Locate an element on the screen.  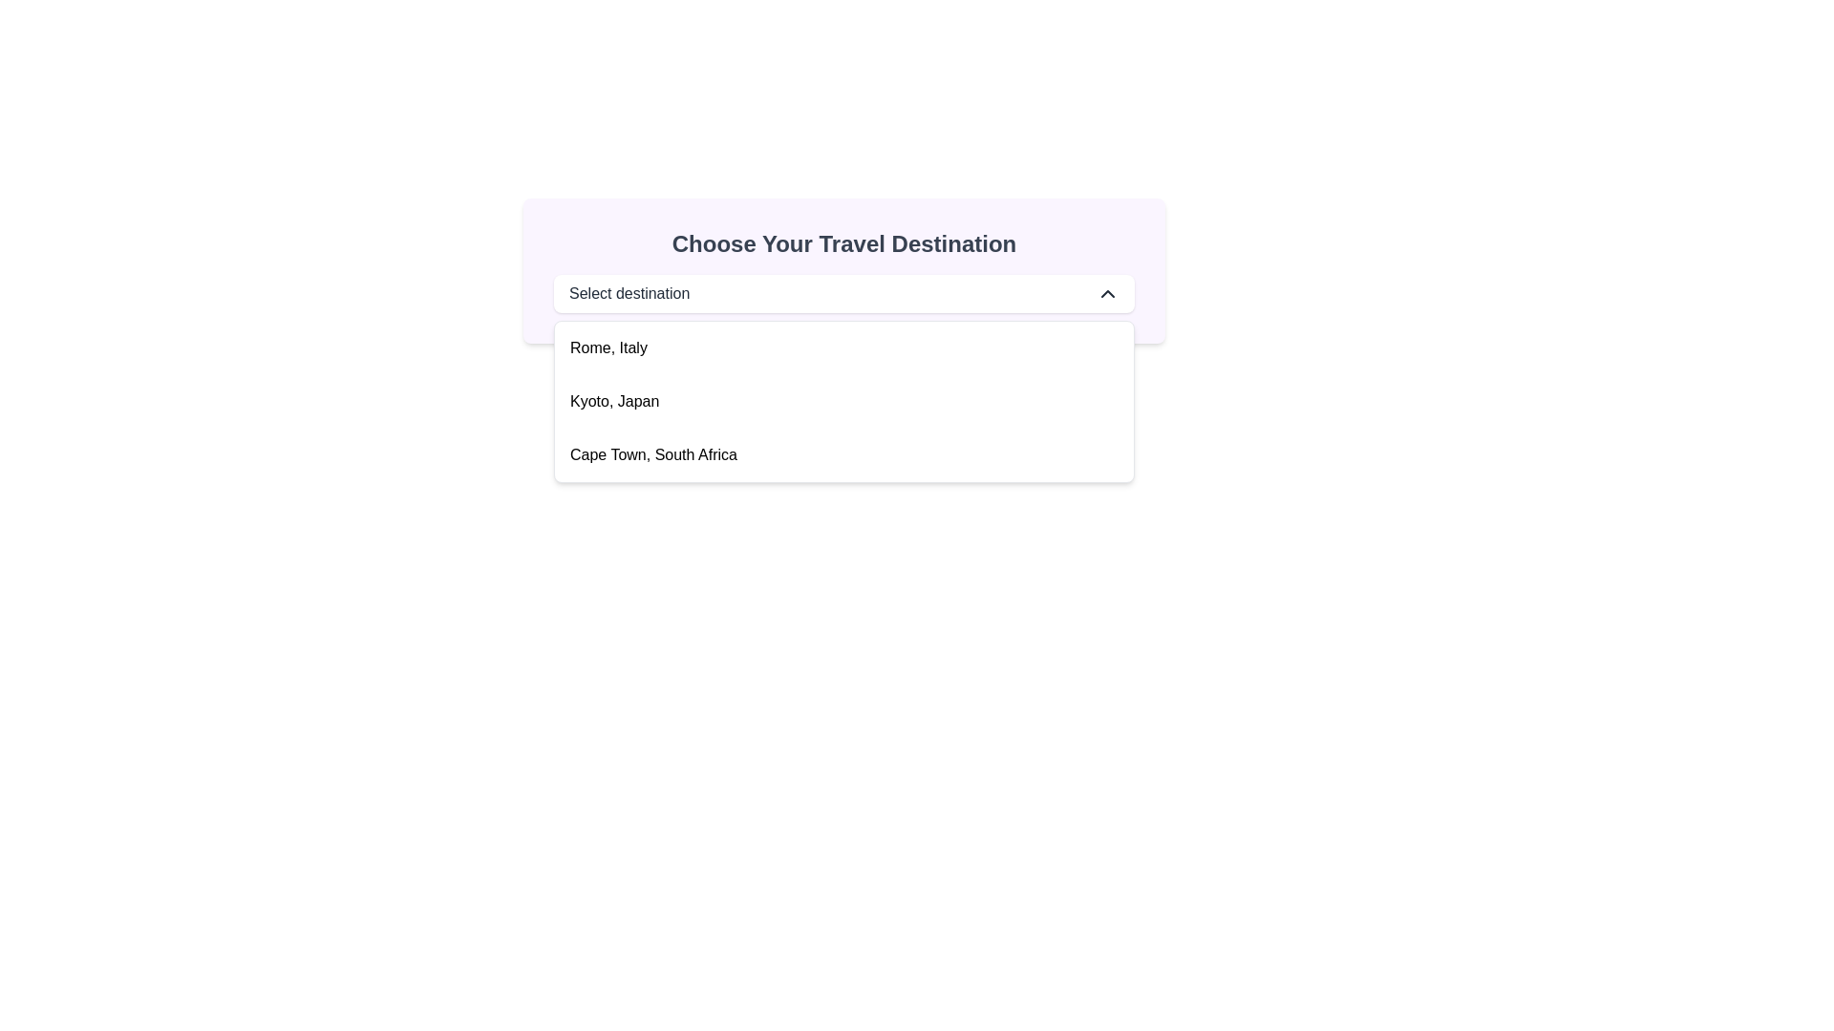
the dropdown menu option displaying 'Cape Town, South Africa' is located at coordinates (653, 455).